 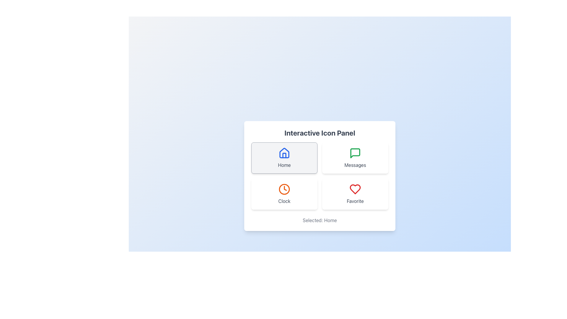 I want to click on the text label displaying 'Favorite', which is located at the bottom of the card in the bottom-right position of the grid, so click(x=355, y=201).